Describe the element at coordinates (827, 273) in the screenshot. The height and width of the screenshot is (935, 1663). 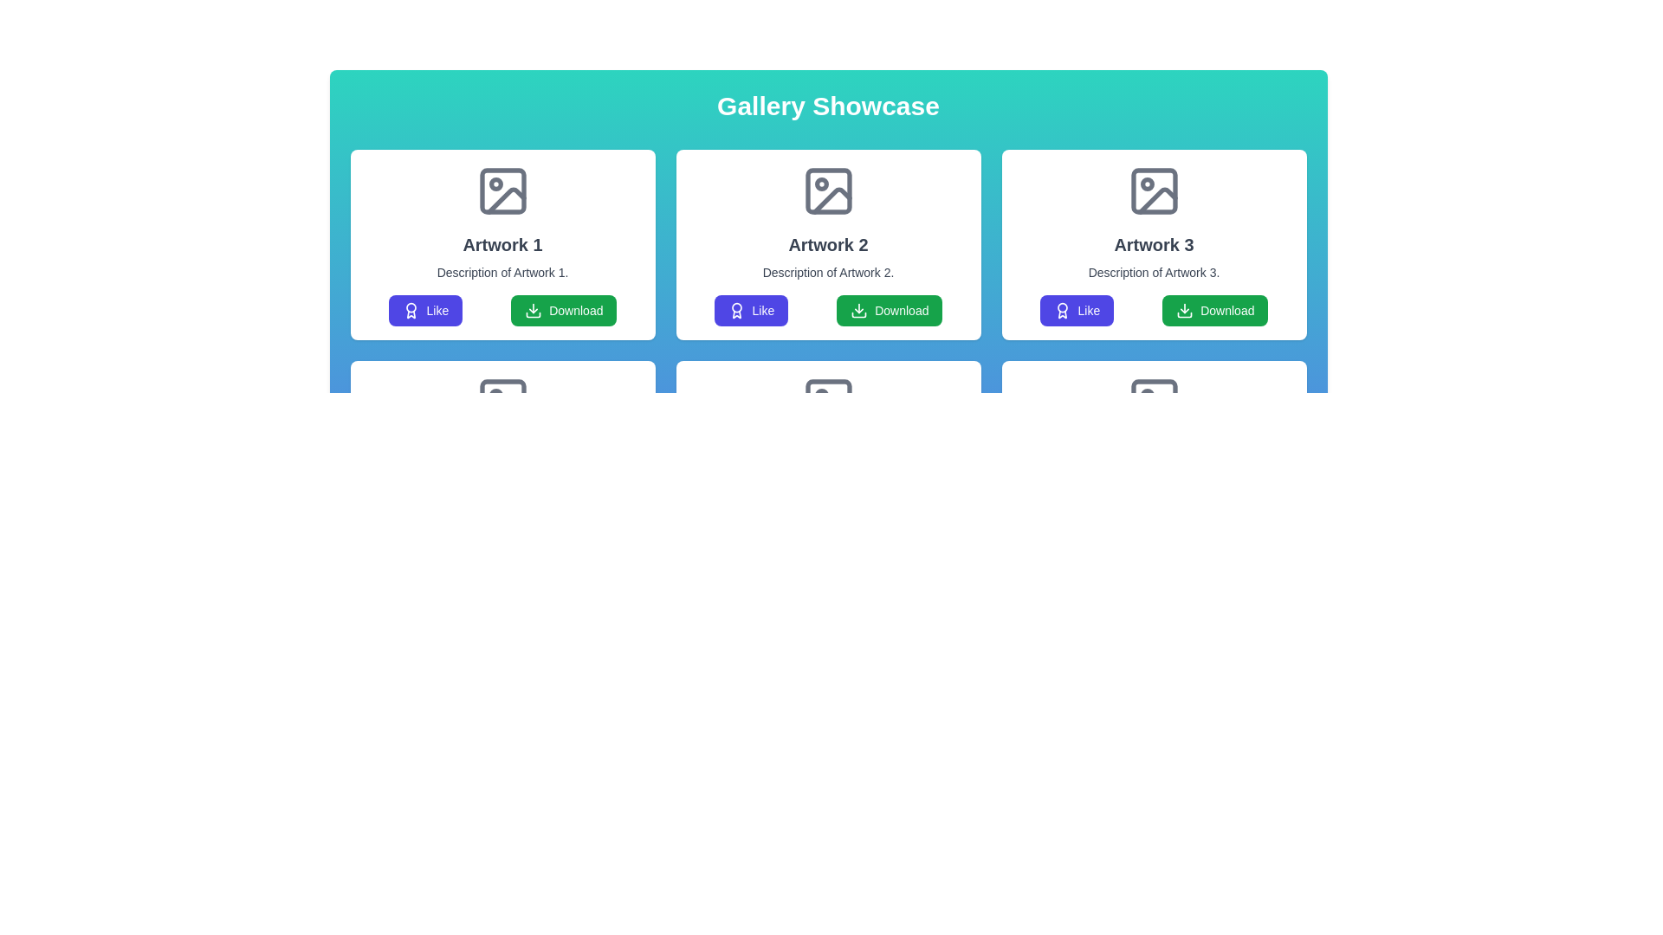
I see `the text label providing a brief description of 'Artwork 2', which is the second textual component directly below the header` at that location.